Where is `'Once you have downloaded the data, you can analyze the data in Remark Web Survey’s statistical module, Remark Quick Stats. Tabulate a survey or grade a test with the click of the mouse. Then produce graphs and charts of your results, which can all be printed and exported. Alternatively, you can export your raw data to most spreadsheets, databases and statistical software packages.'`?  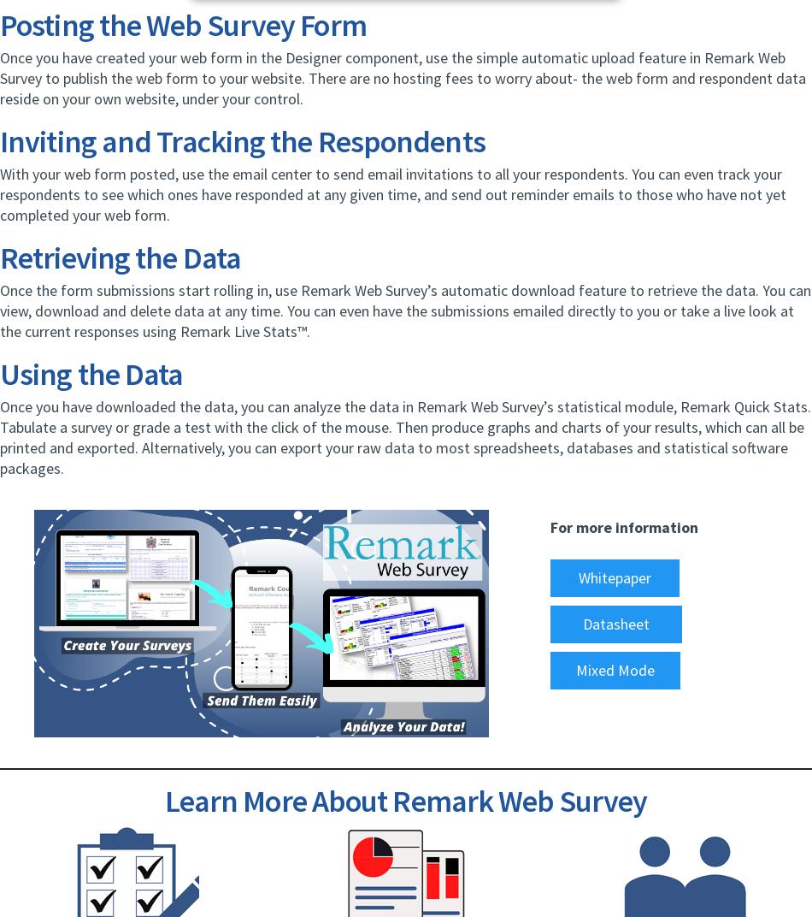 'Once you have downloaded the data, you can analyze the data in Remark Web Survey’s statistical module, Remark Quick Stats. Tabulate a survey or grade a test with the click of the mouse. Then produce graphs and charts of your results, which can all be printed and exported. Alternatively, you can export your raw data to most spreadsheets, databases and statistical software packages.' is located at coordinates (404, 437).